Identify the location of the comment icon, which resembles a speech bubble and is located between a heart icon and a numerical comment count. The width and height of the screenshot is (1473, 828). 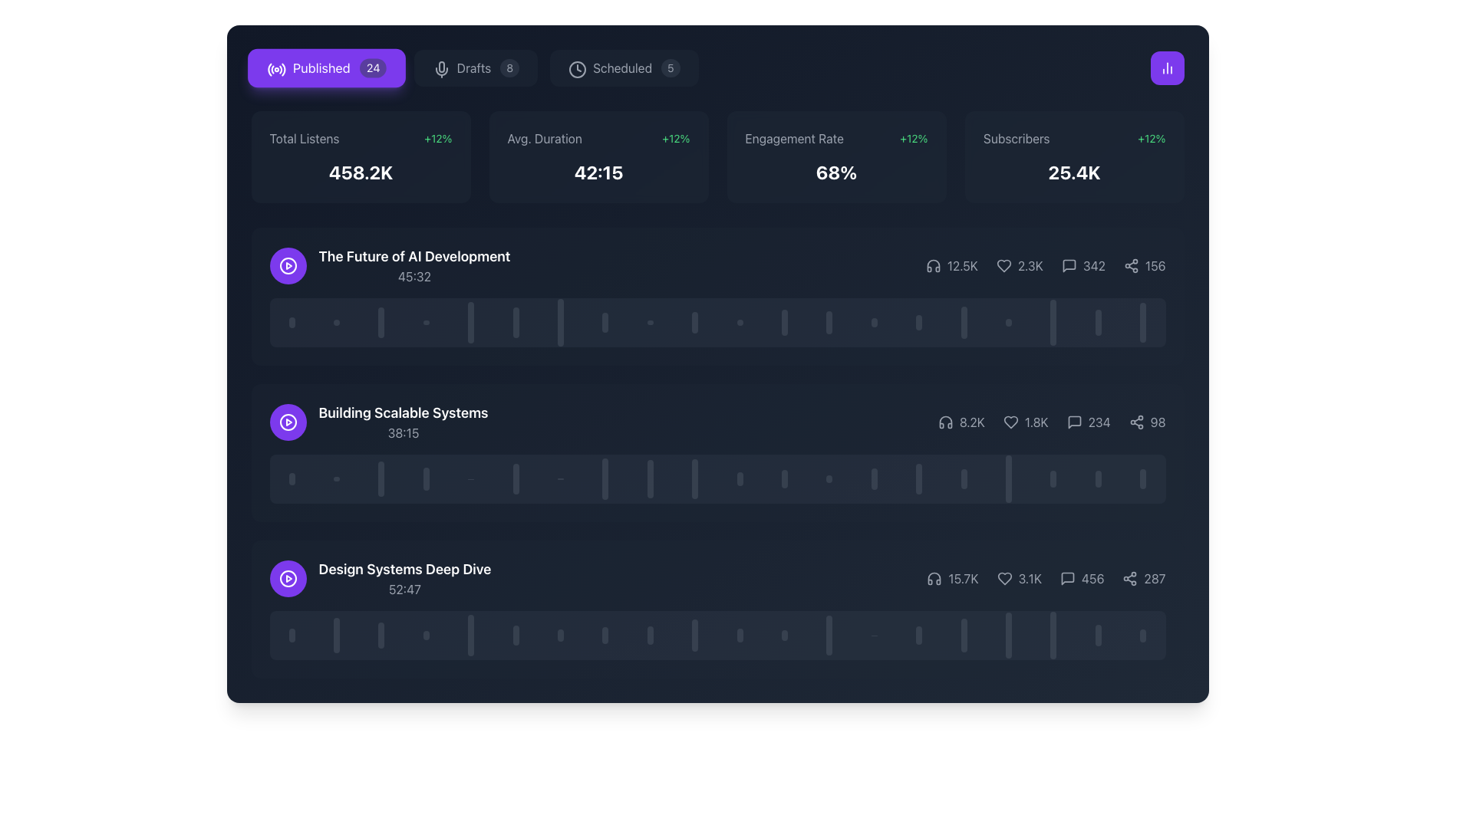
(1068, 265).